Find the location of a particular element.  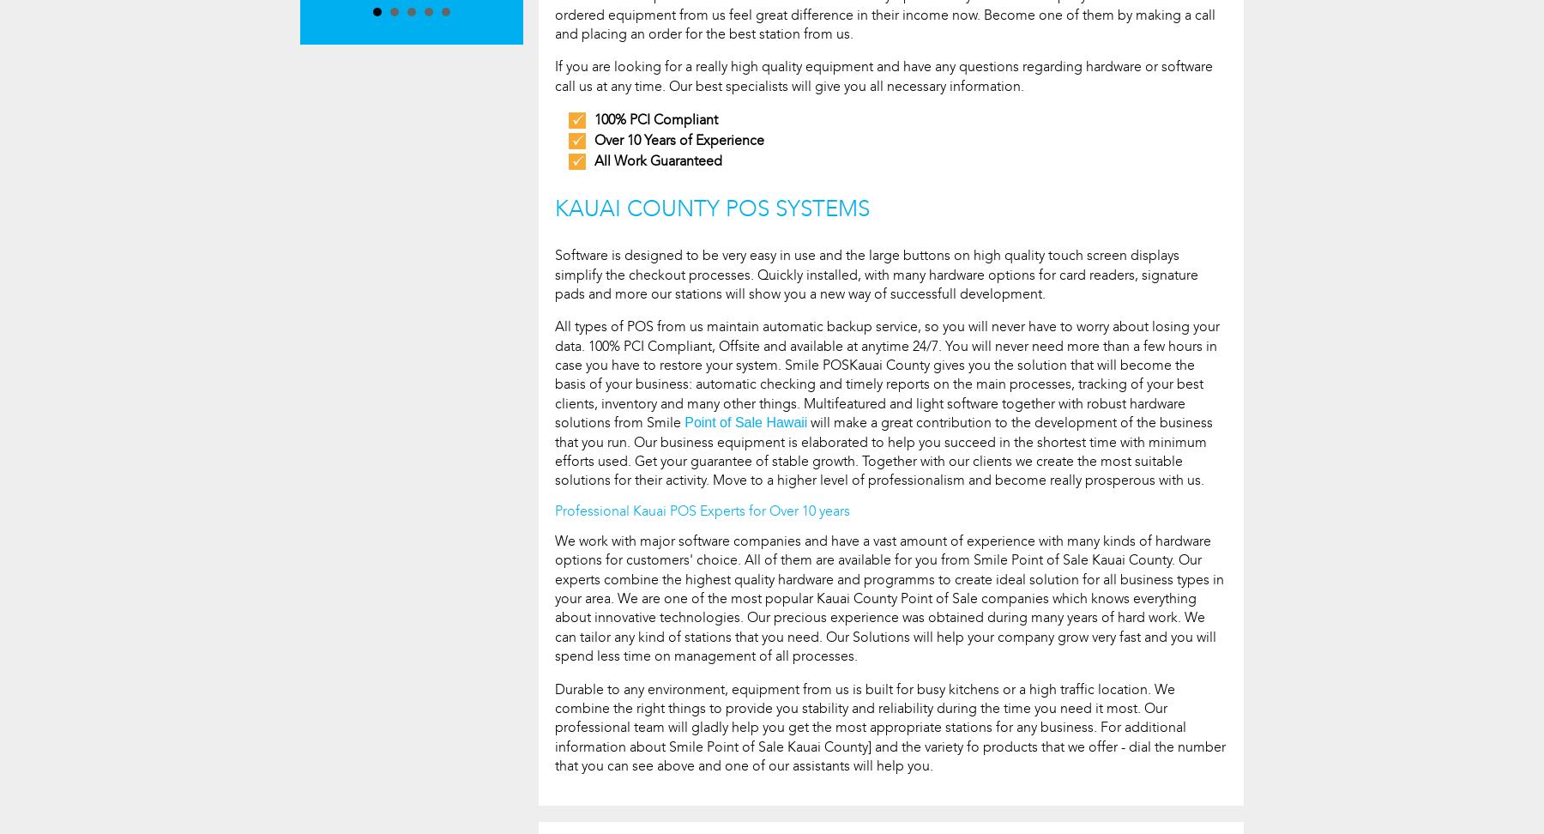

'Software is designed to be very easy in use and the large buttons on high quality touch screen displays simplify the checkout processes. Quickly installed, with many hardware options for card readers, signature pads and more our stations will show you a new way of successfull development.' is located at coordinates (877, 273).